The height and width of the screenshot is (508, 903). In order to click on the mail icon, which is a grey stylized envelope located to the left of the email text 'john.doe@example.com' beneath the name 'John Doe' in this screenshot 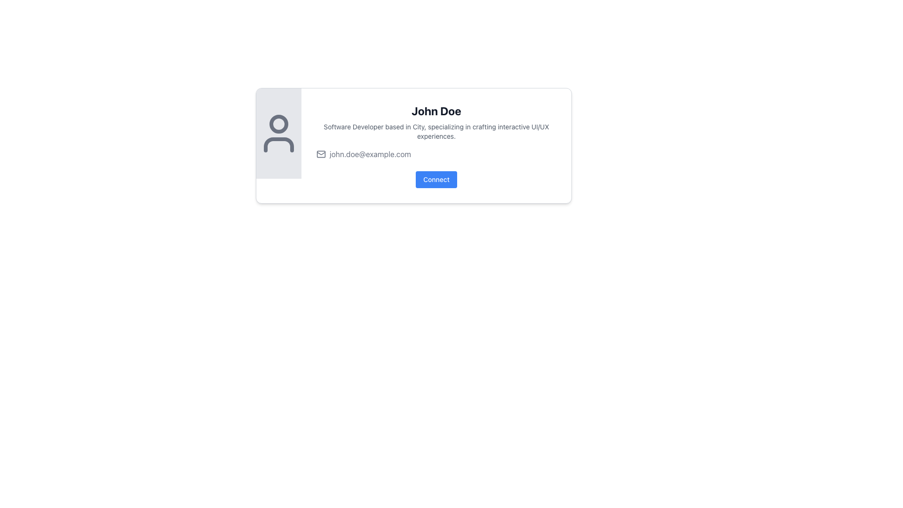, I will do `click(321, 153)`.